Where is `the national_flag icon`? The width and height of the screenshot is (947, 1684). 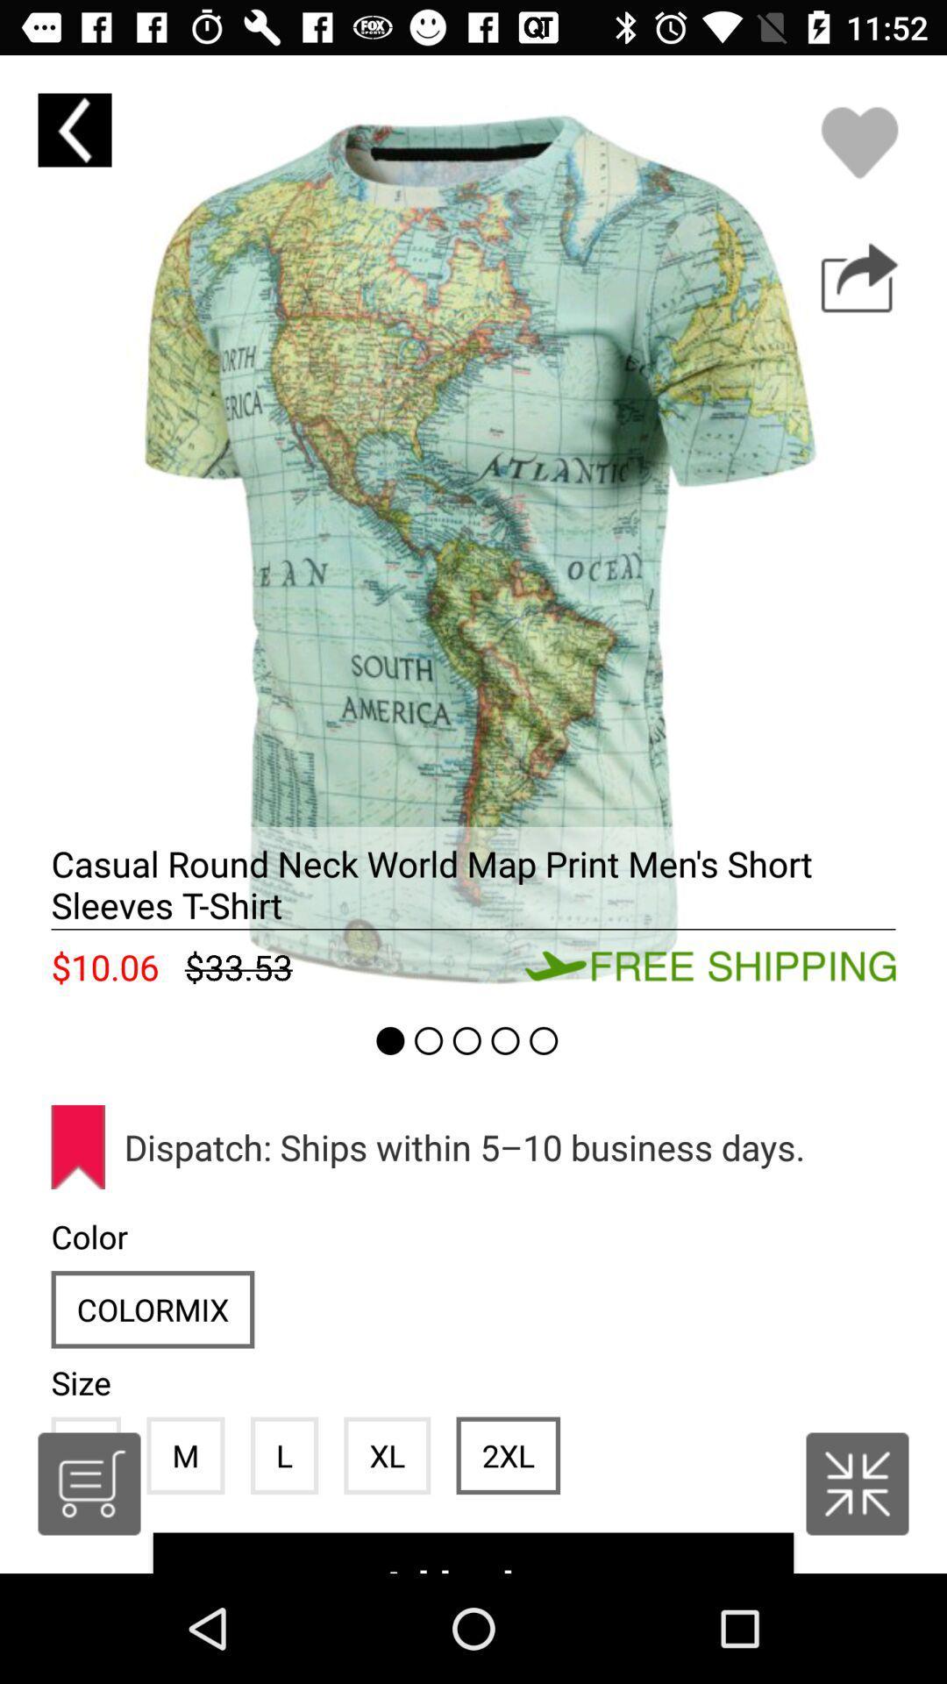 the national_flag icon is located at coordinates (857, 1483).